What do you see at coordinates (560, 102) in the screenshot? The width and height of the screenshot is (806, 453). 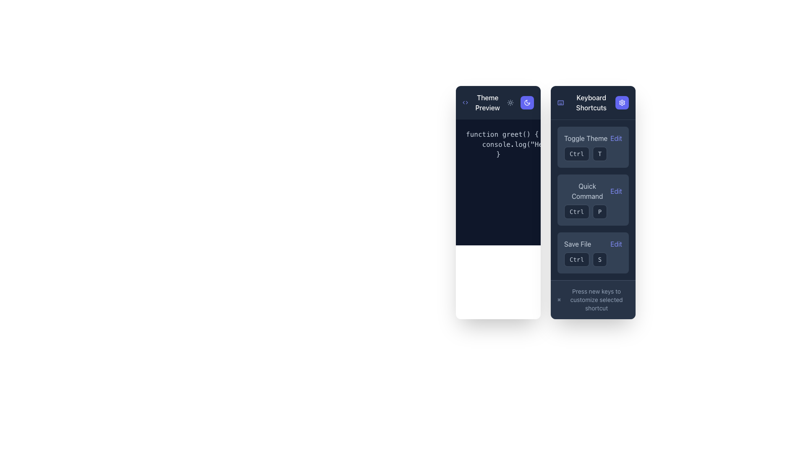 I see `the small rectangular outline with rounded corners, part of the keyboard icon located towards the upper left side of the 'Keyboard Shortcuts' header section` at bounding box center [560, 102].